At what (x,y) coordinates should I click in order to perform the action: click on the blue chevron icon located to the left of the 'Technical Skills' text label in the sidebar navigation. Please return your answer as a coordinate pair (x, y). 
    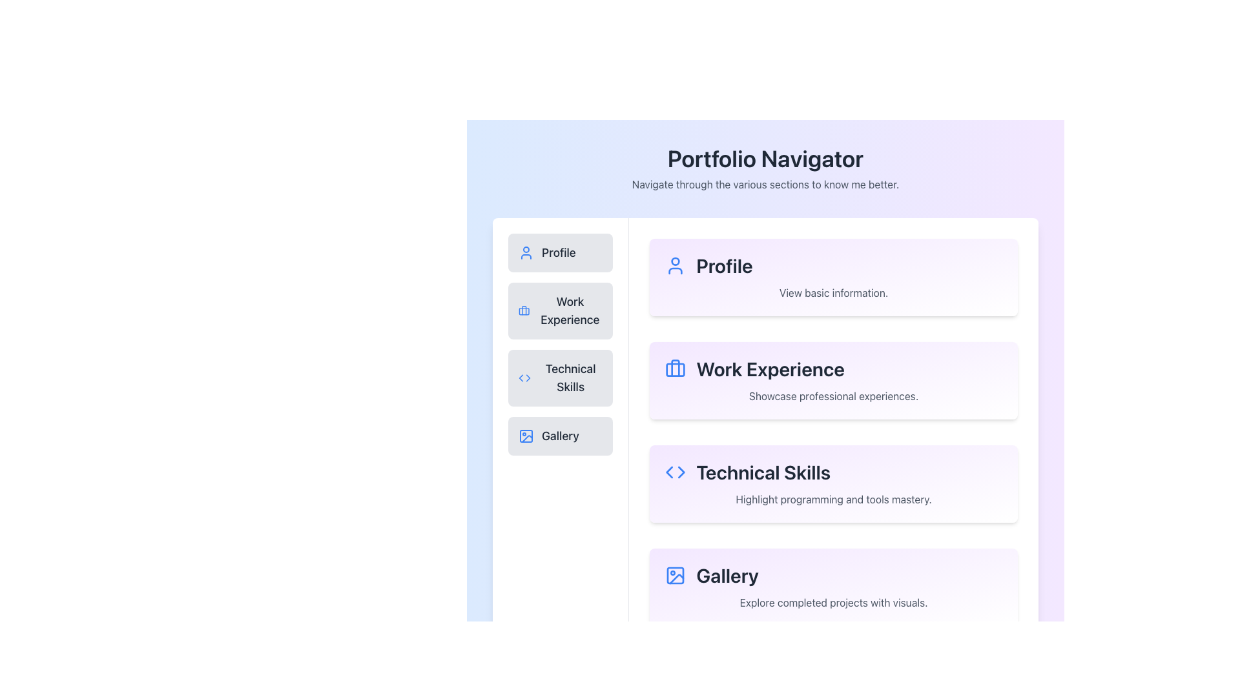
    Looking at the image, I should click on (521, 378).